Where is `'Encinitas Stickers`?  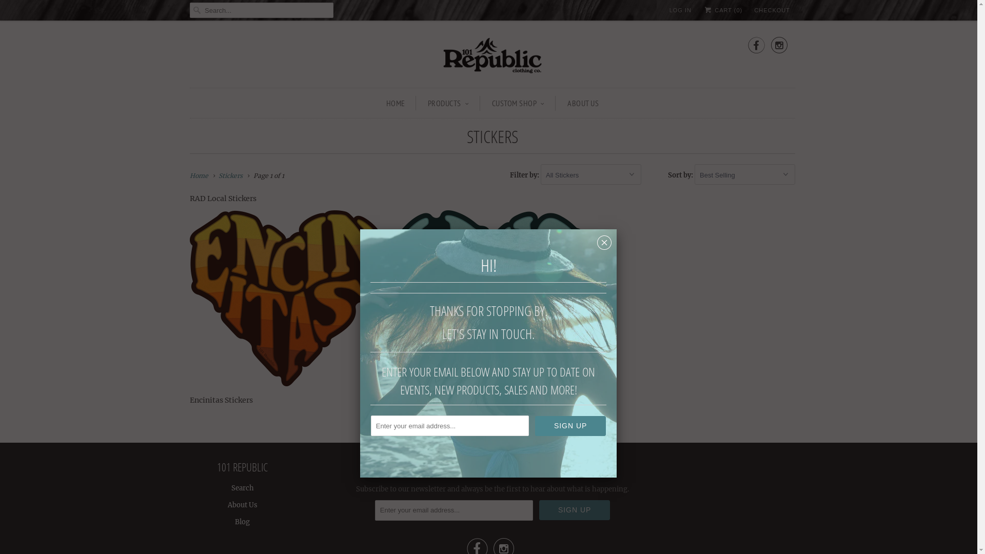
'Encinitas Stickers is located at coordinates (287, 310).